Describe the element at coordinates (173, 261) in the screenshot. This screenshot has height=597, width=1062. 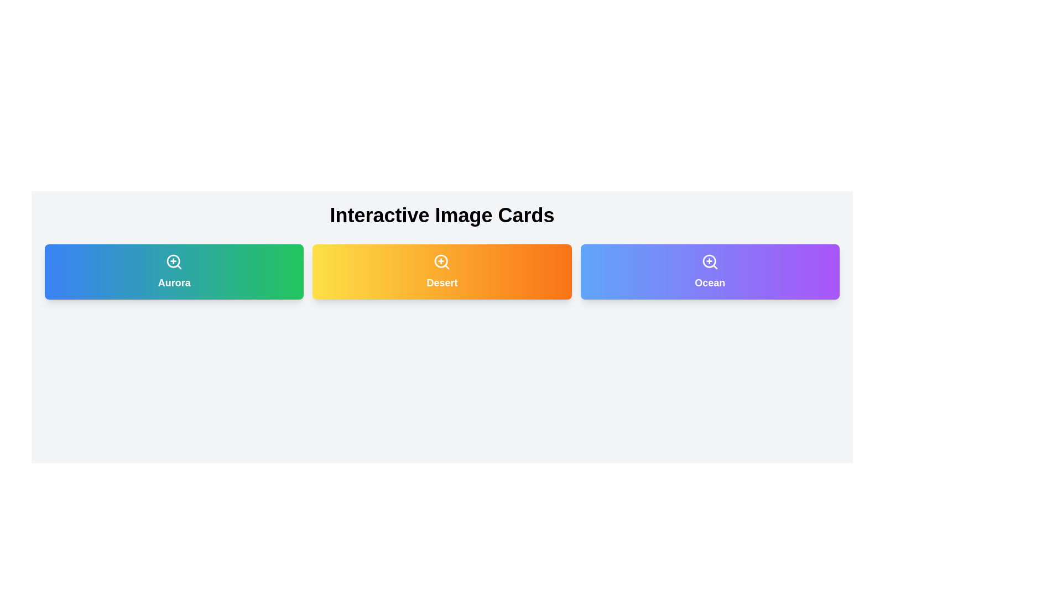
I see `the SVG Circle element that represents zoom functionality, located centrally within the 'Aurora' card` at that location.